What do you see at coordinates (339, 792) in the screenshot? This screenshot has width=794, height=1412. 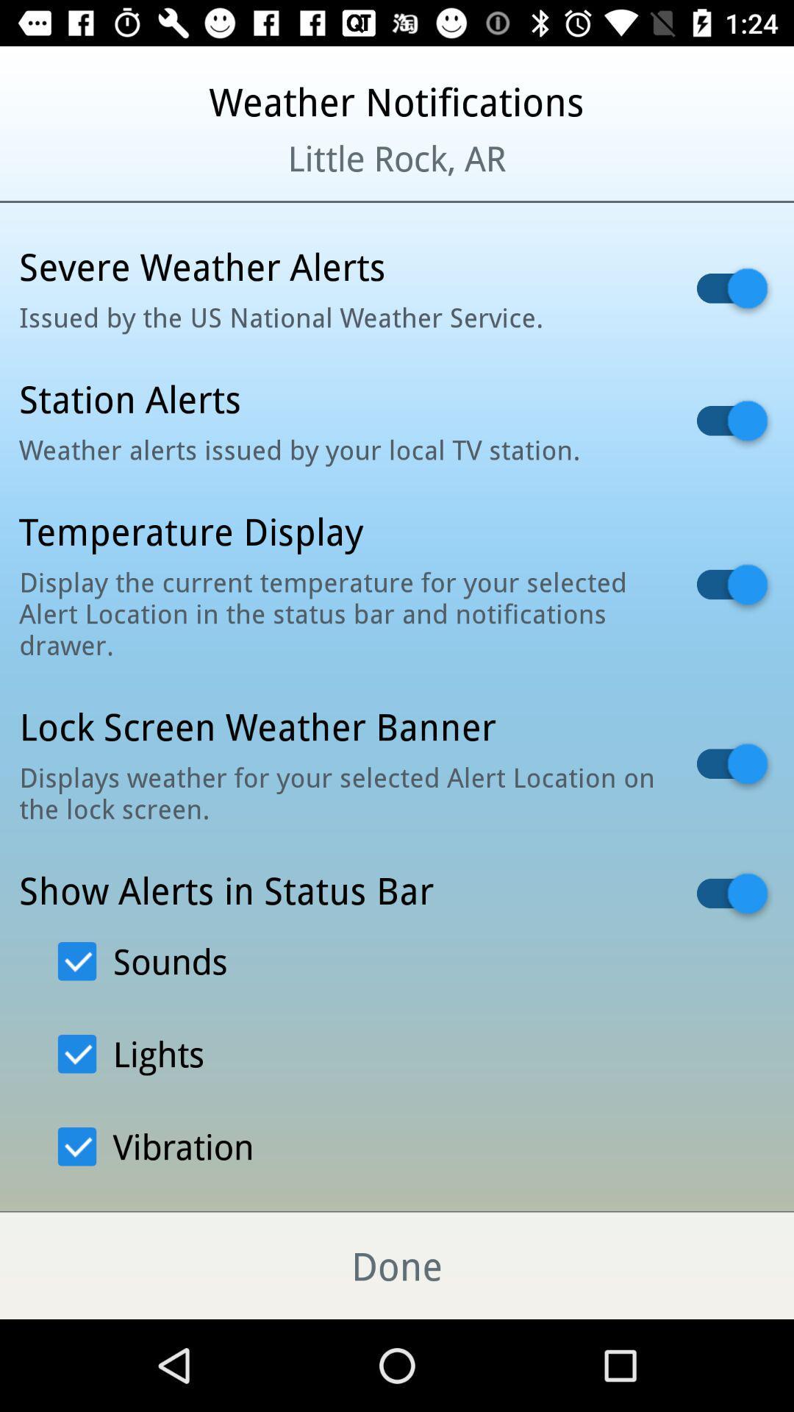 I see `icon below lock screen weather icon` at bounding box center [339, 792].